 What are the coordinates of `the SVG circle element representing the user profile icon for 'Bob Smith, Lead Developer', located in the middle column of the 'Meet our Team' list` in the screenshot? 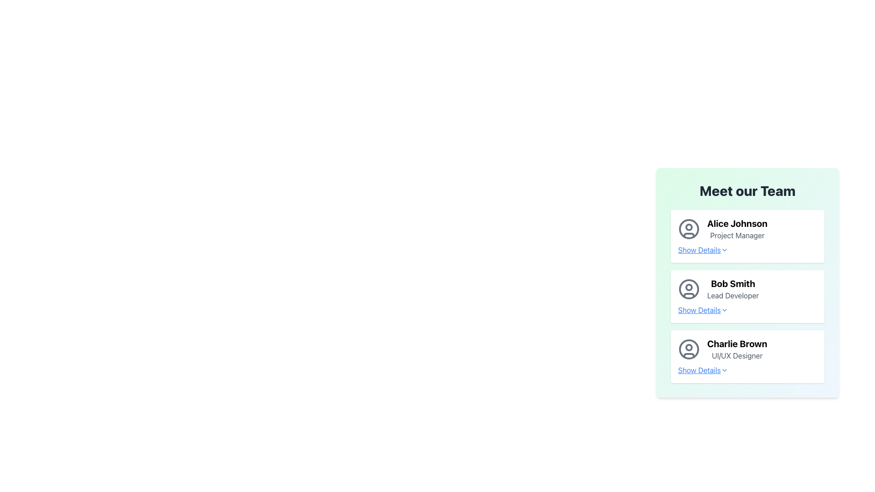 It's located at (689, 289).